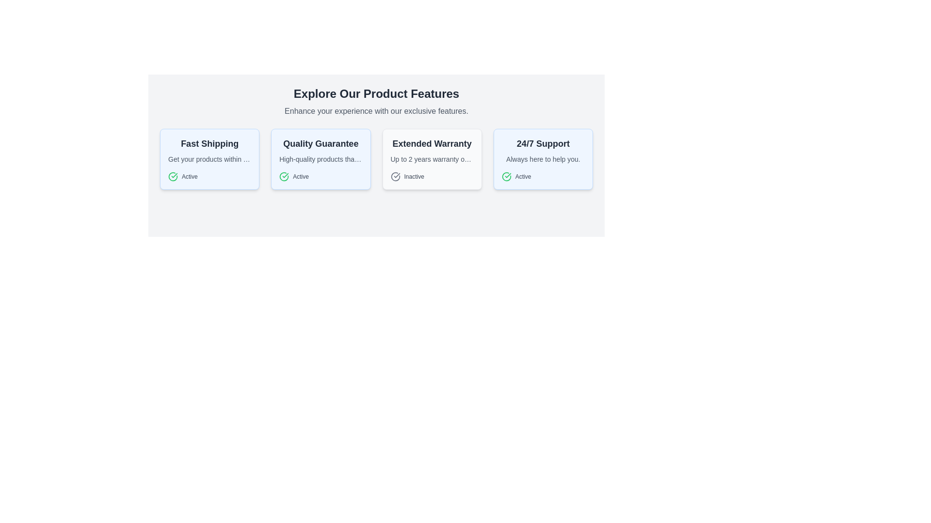  I want to click on text of the status label indicating 'Active' located within the 'Fast Shipping' card, positioned to the right of the green checkmark icon, so click(190, 177).